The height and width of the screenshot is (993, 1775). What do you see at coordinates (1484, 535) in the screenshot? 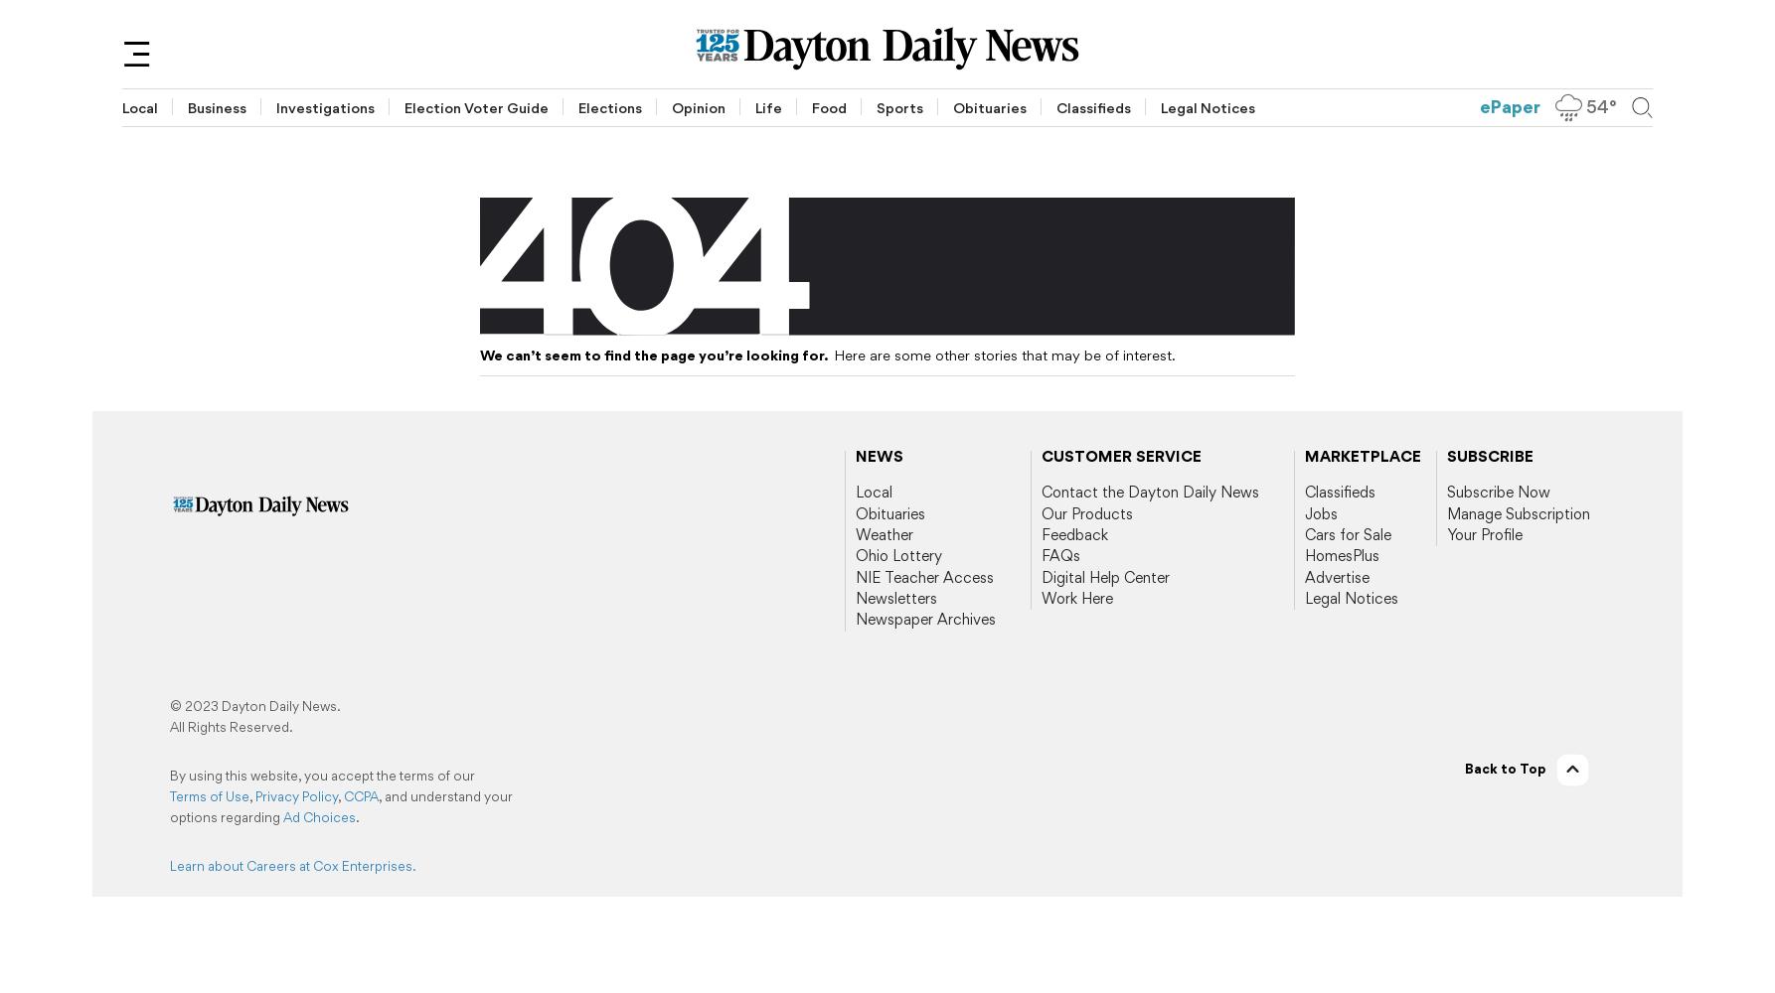
I see `'Your Profile'` at bounding box center [1484, 535].